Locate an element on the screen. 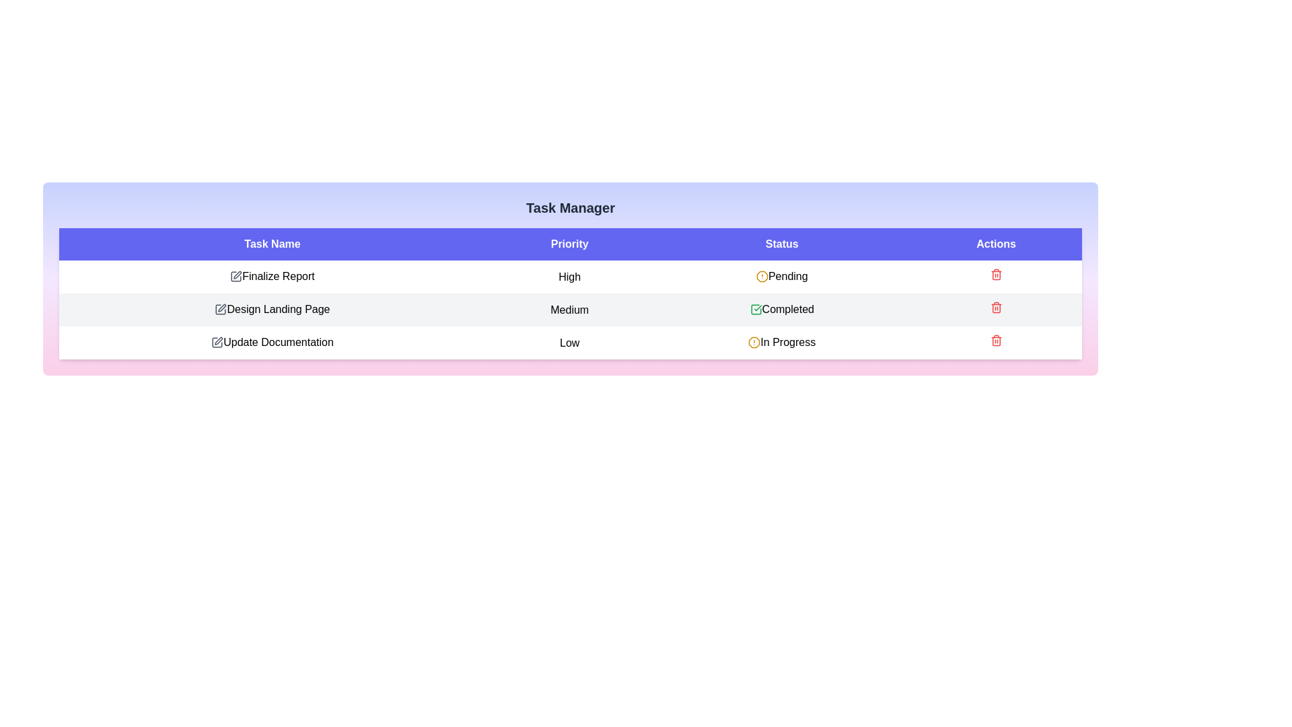 The width and height of the screenshot is (1292, 727). the trash icon for the task with name Update Documentation is located at coordinates (996, 339).